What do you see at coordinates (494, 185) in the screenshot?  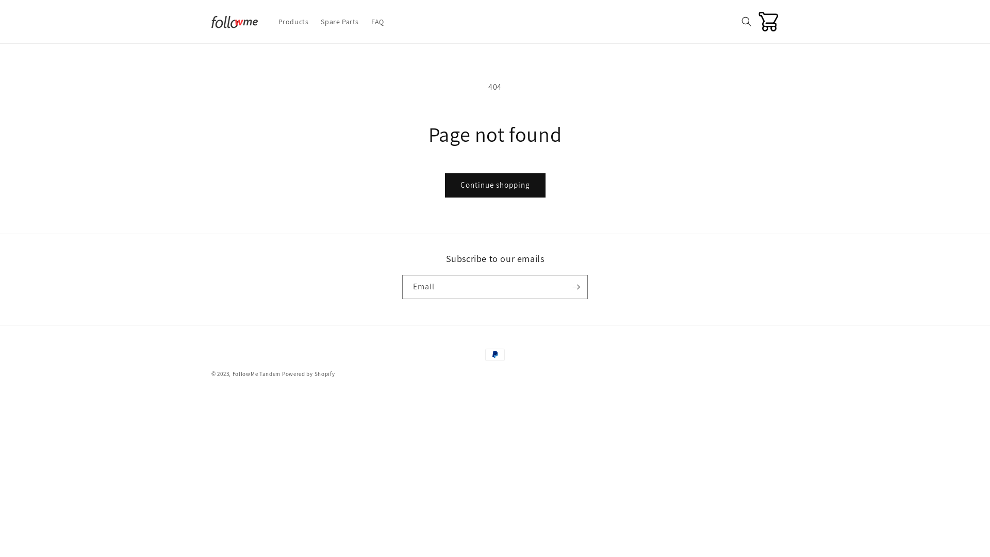 I see `'Continue shopping'` at bounding box center [494, 185].